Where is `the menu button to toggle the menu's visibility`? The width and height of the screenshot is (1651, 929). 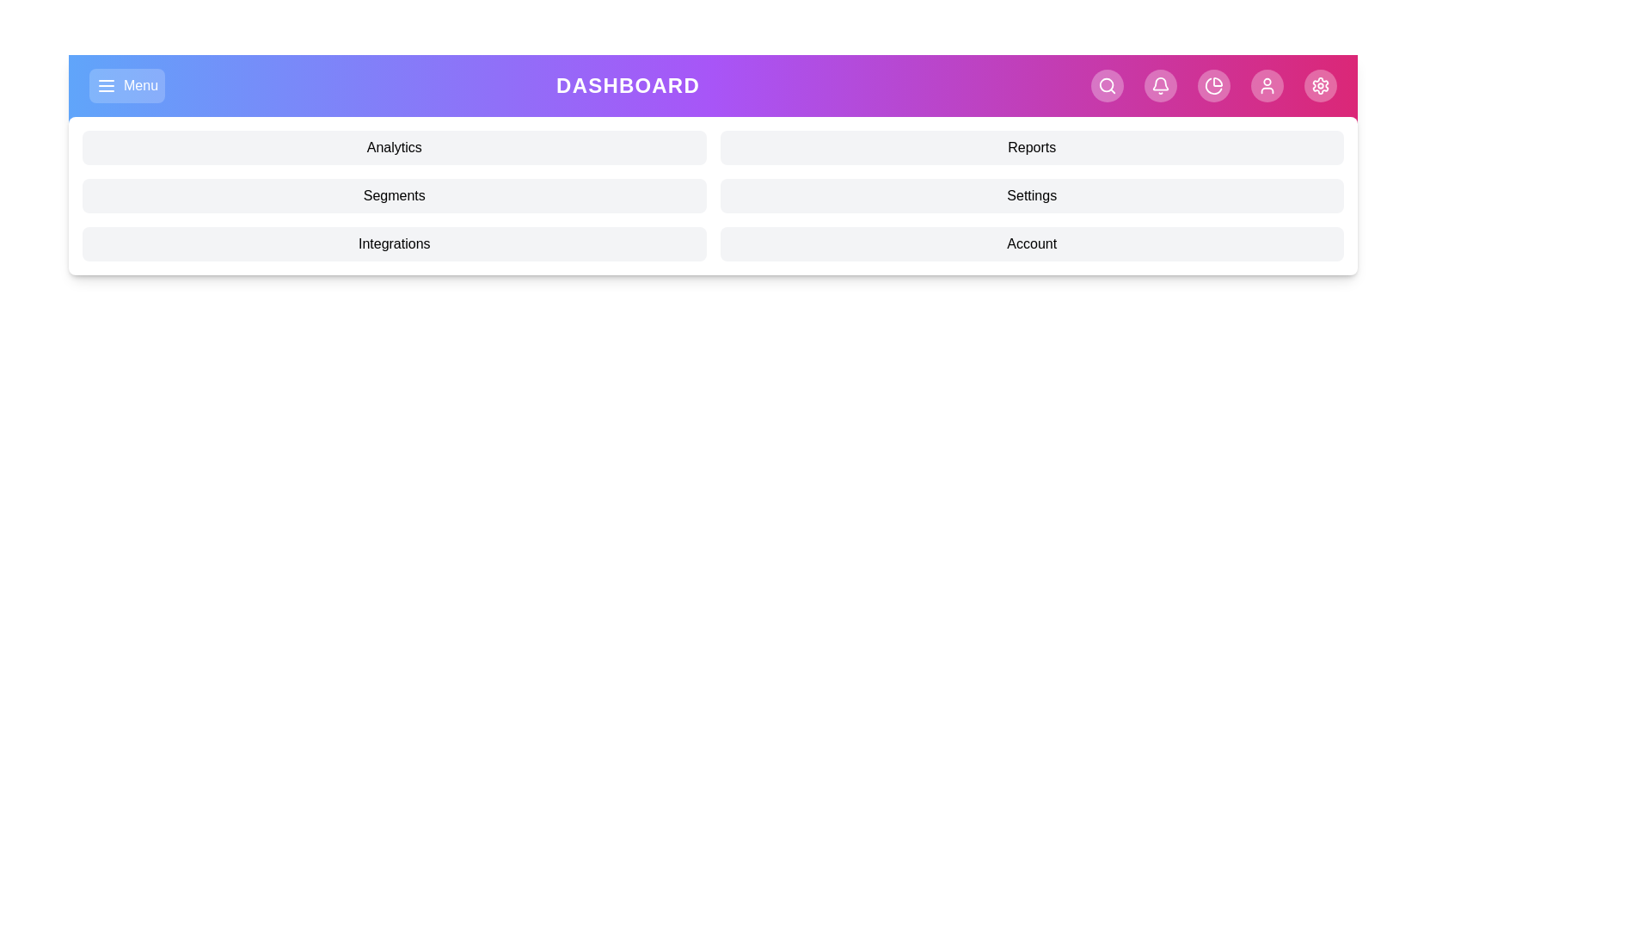 the menu button to toggle the menu's visibility is located at coordinates (126, 86).